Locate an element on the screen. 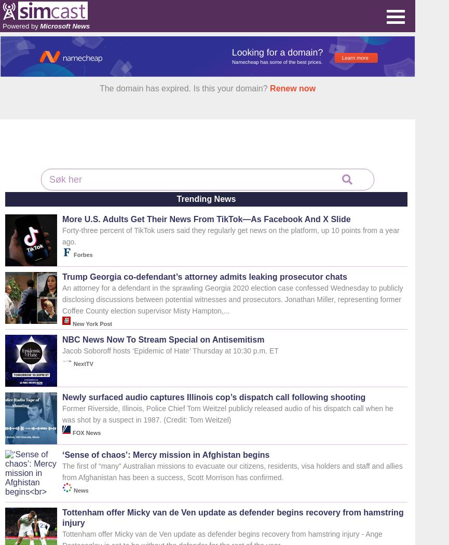  'Trump Georgia co-defendant’s attorney admits leaking prosecutor chats' is located at coordinates (205, 277).